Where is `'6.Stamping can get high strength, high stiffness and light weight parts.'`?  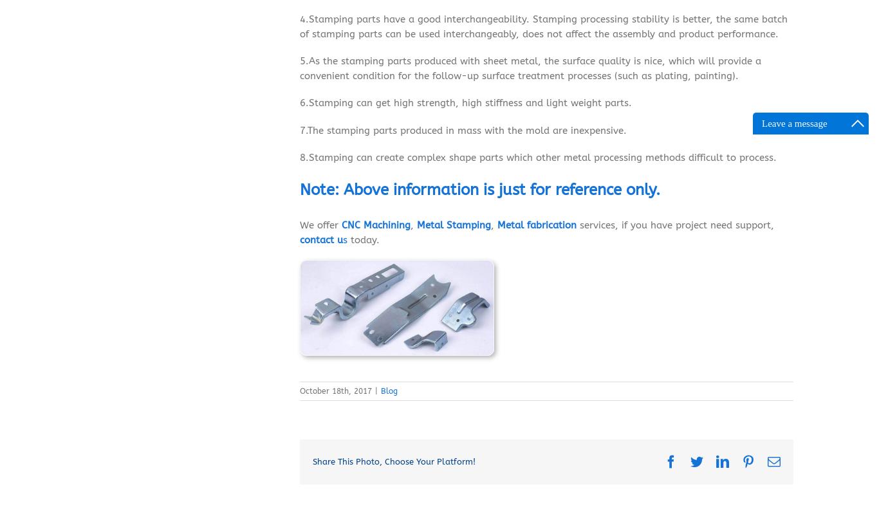 '6.Stamping can get high strength, high stiffness and light weight parts.' is located at coordinates (465, 103).